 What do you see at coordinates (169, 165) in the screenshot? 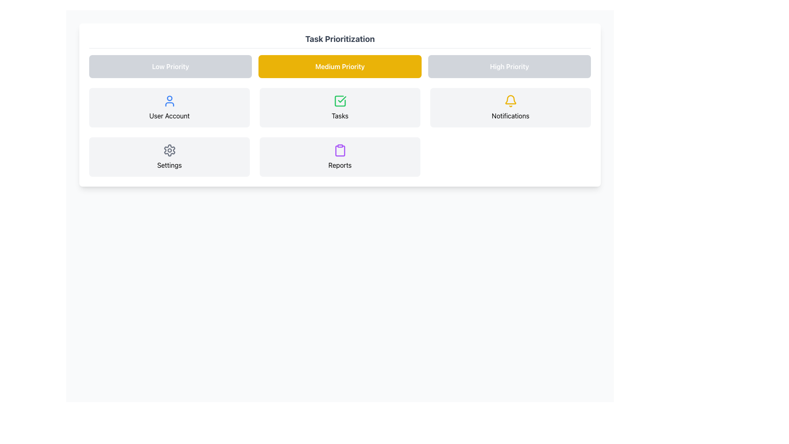
I see `the Text label that indicates the purpose of the adjacent gear icon for configuration settings, located beneath the gear icon in the user account panel` at bounding box center [169, 165].